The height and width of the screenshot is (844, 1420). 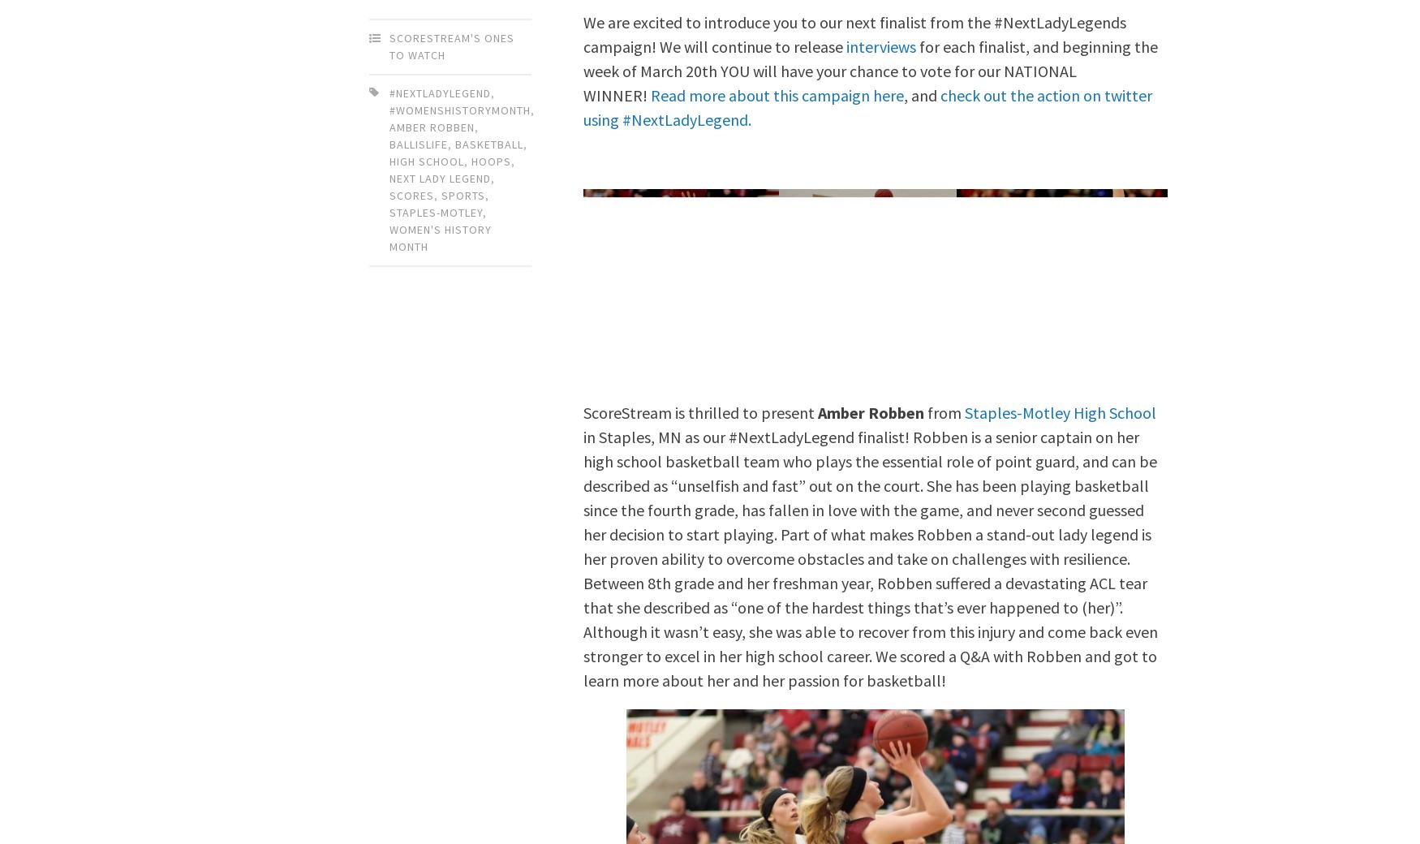 What do you see at coordinates (389, 195) in the screenshot?
I see `'scores'` at bounding box center [389, 195].